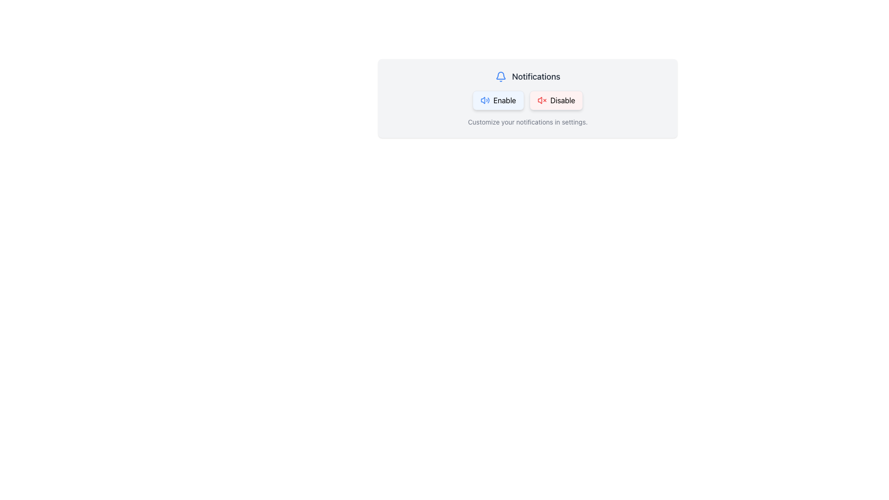  What do you see at coordinates (484, 100) in the screenshot?
I see `the blue speaker icon with sound waves located inside the 'Enable' button, which is positioned to the left of the 'Disable' button` at bounding box center [484, 100].